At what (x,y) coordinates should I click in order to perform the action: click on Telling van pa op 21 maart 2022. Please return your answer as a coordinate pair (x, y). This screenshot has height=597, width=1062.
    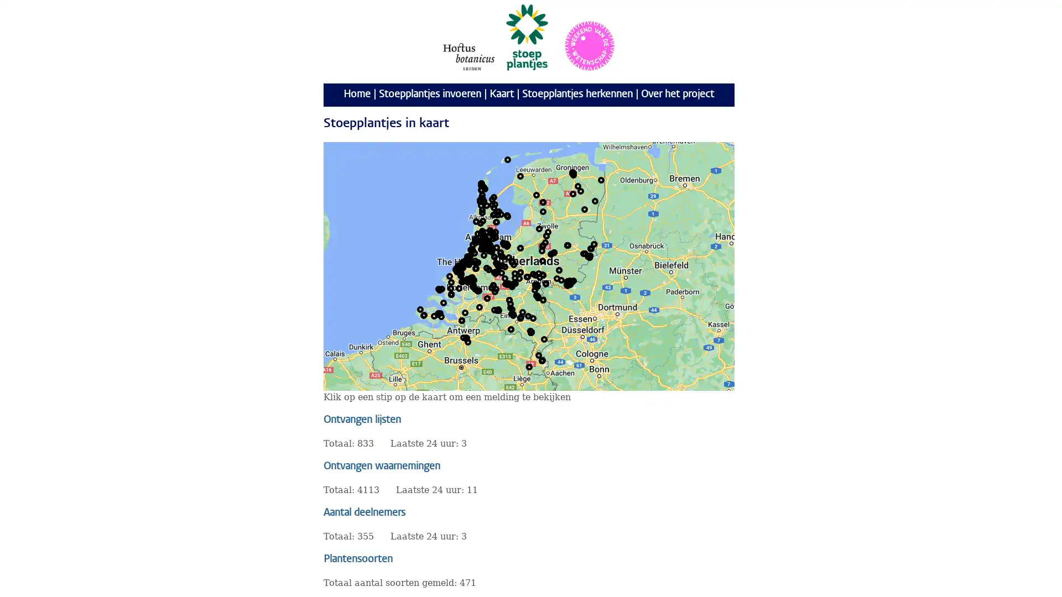
    Looking at the image, I should click on (573, 193).